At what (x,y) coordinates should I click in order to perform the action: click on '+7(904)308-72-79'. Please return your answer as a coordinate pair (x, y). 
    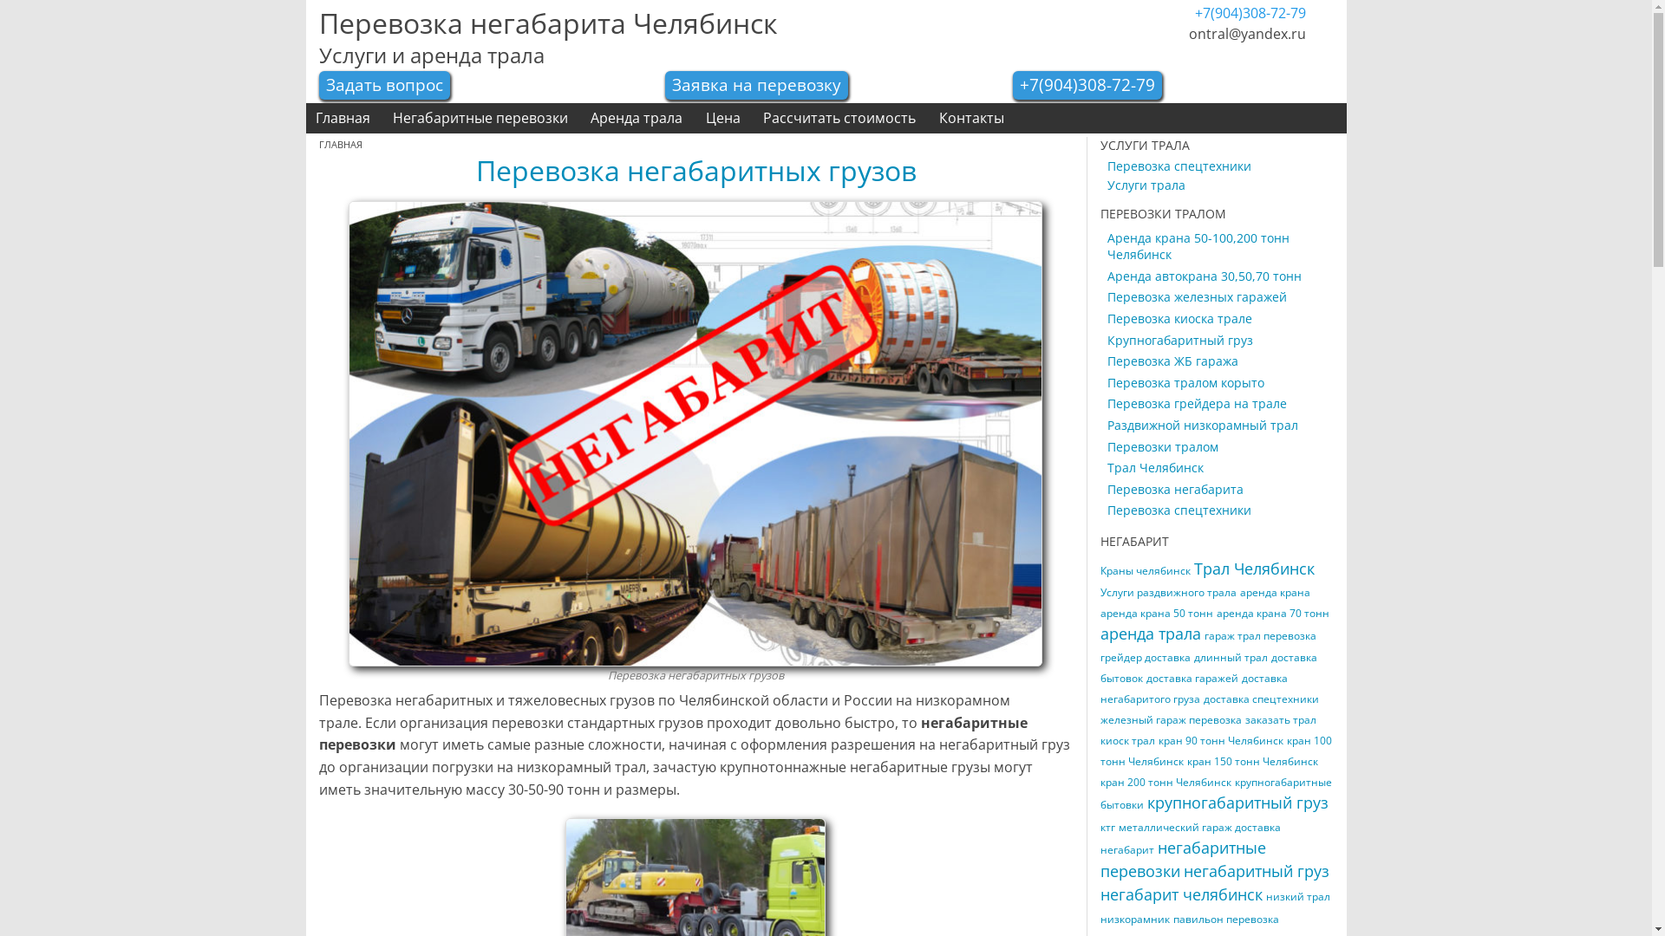
    Looking at the image, I should click on (1086, 84).